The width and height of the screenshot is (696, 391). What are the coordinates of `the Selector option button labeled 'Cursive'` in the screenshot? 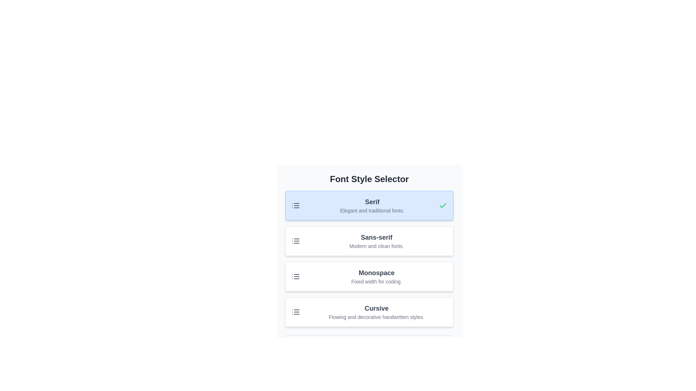 It's located at (369, 311).